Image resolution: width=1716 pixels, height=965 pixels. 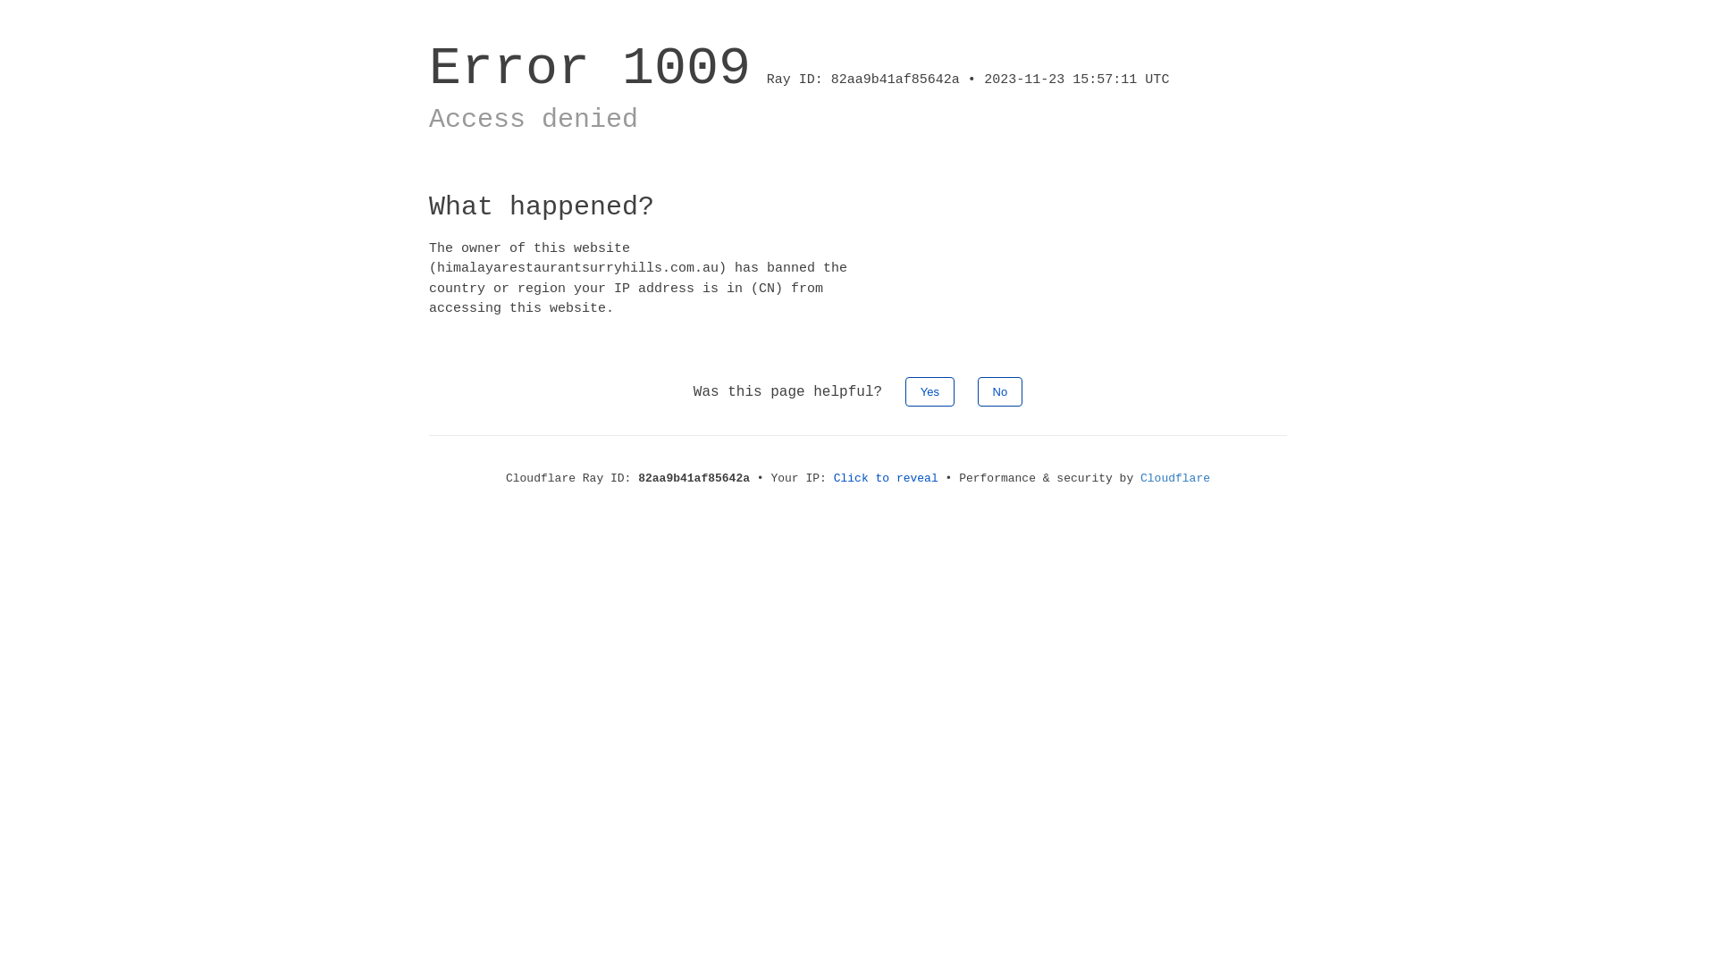 What do you see at coordinates (886, 477) in the screenshot?
I see `'Click to reveal'` at bounding box center [886, 477].